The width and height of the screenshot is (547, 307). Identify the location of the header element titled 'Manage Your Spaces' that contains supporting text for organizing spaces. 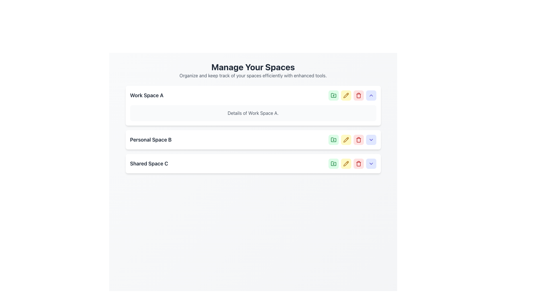
(253, 70).